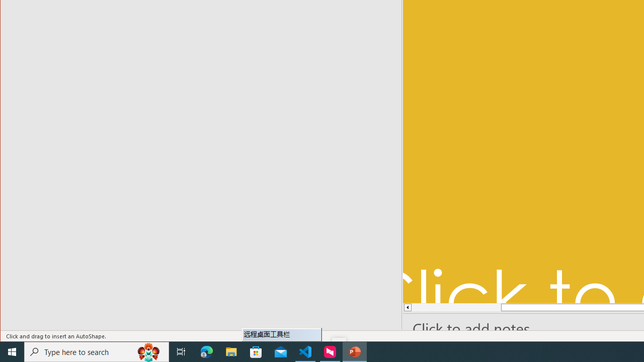 The width and height of the screenshot is (644, 362). Describe the element at coordinates (97, 351) in the screenshot. I see `'Type here to search'` at that location.